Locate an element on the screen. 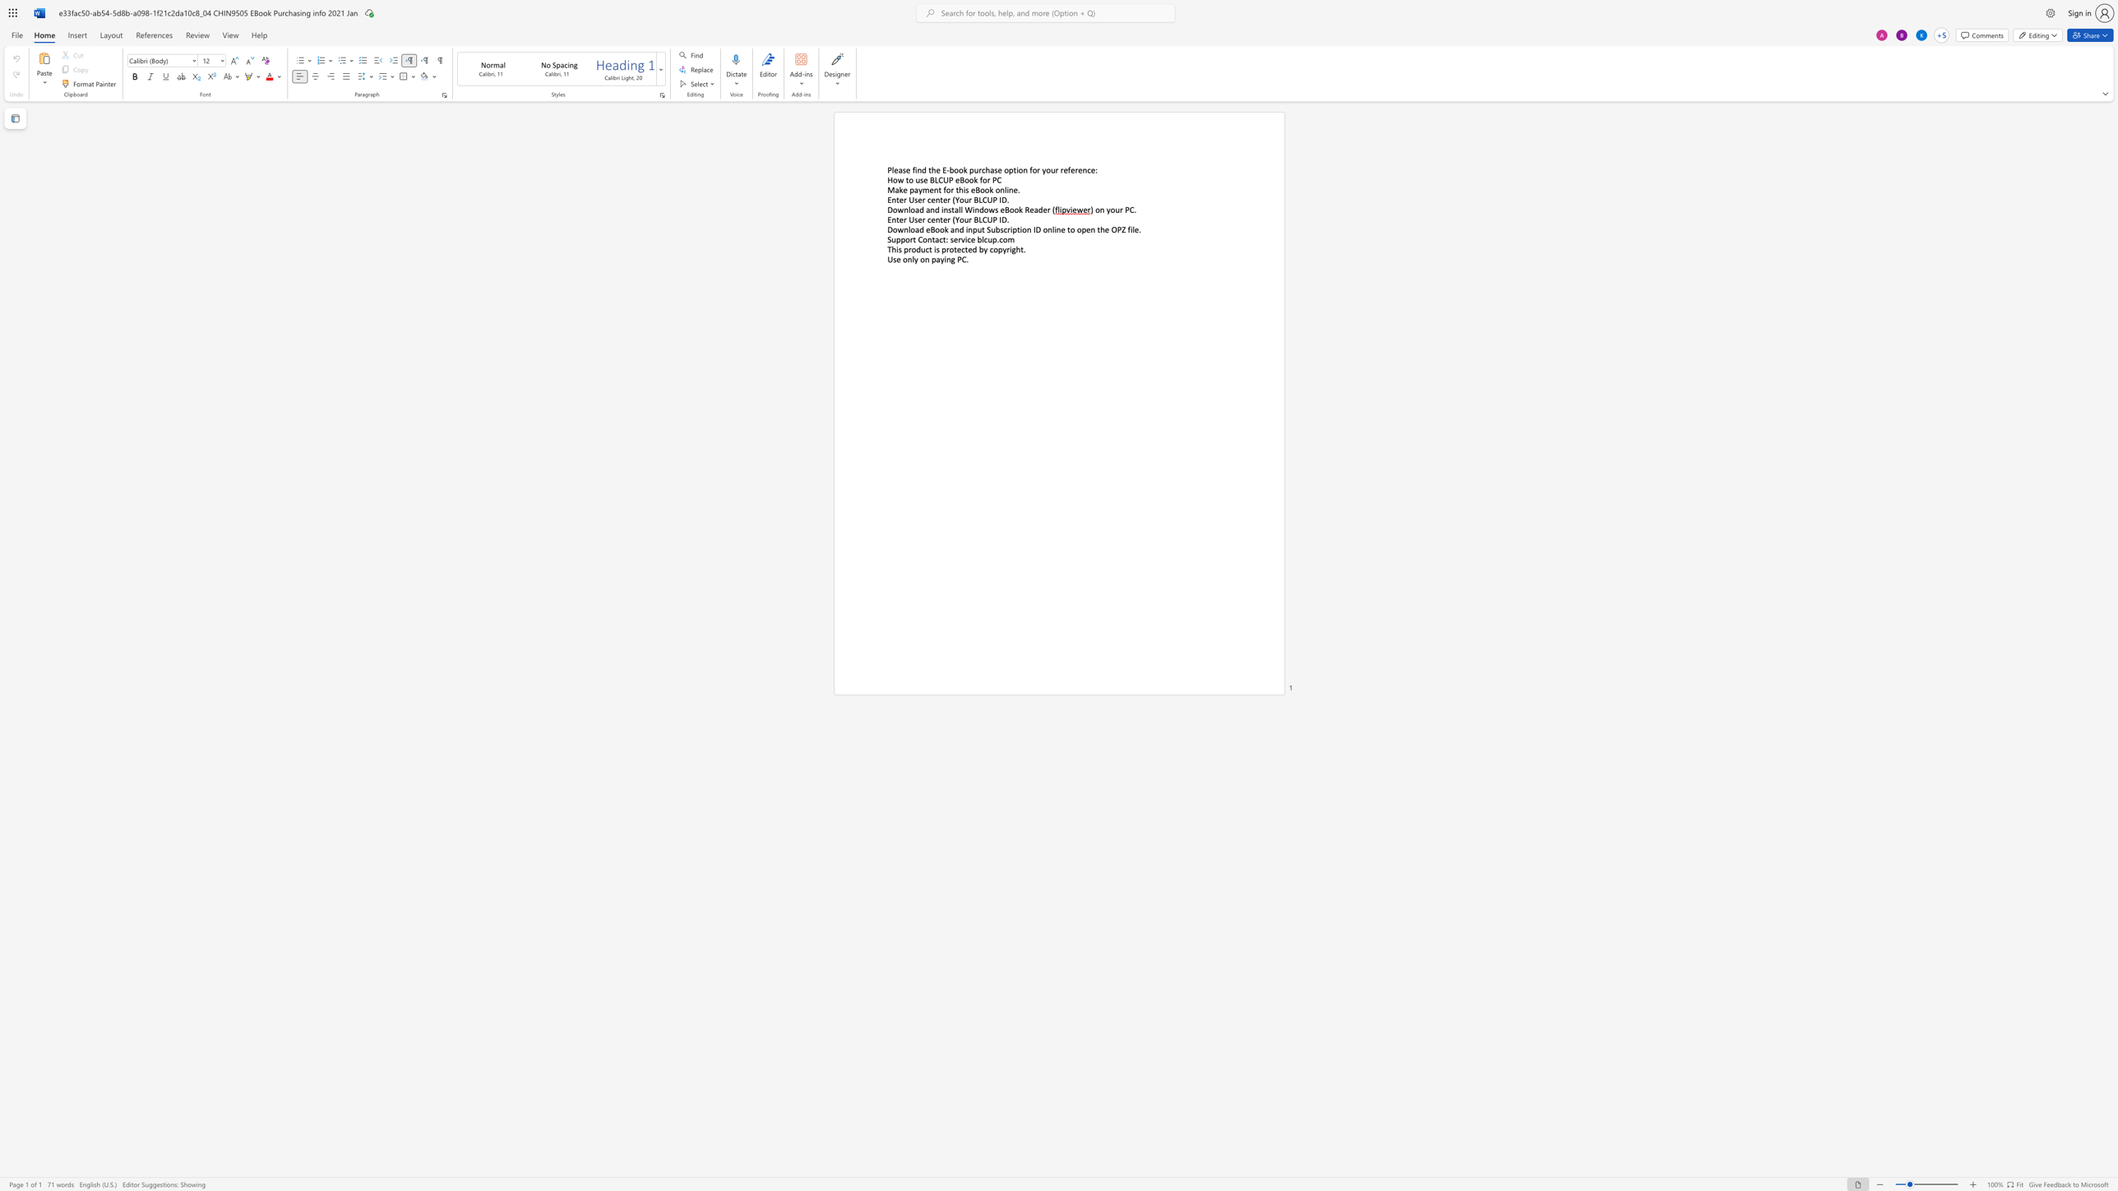 The height and width of the screenshot is (1191, 2118). the subset text "ok purchas" within the text "Please find the E-book purchase" is located at coordinates (958, 169).